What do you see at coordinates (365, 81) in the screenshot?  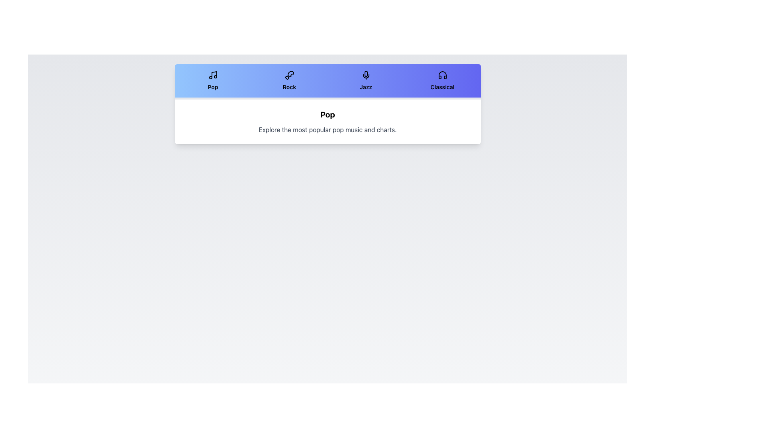 I see `the 'Jazz' tab button, which is the third tab in a series of four, positioned between 'Rock' and 'Classical'` at bounding box center [365, 81].